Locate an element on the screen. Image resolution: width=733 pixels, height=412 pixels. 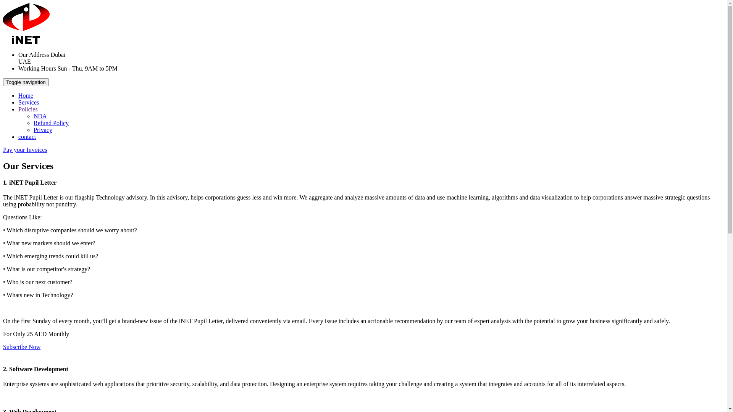
'Subscribe Now' is located at coordinates (22, 347).